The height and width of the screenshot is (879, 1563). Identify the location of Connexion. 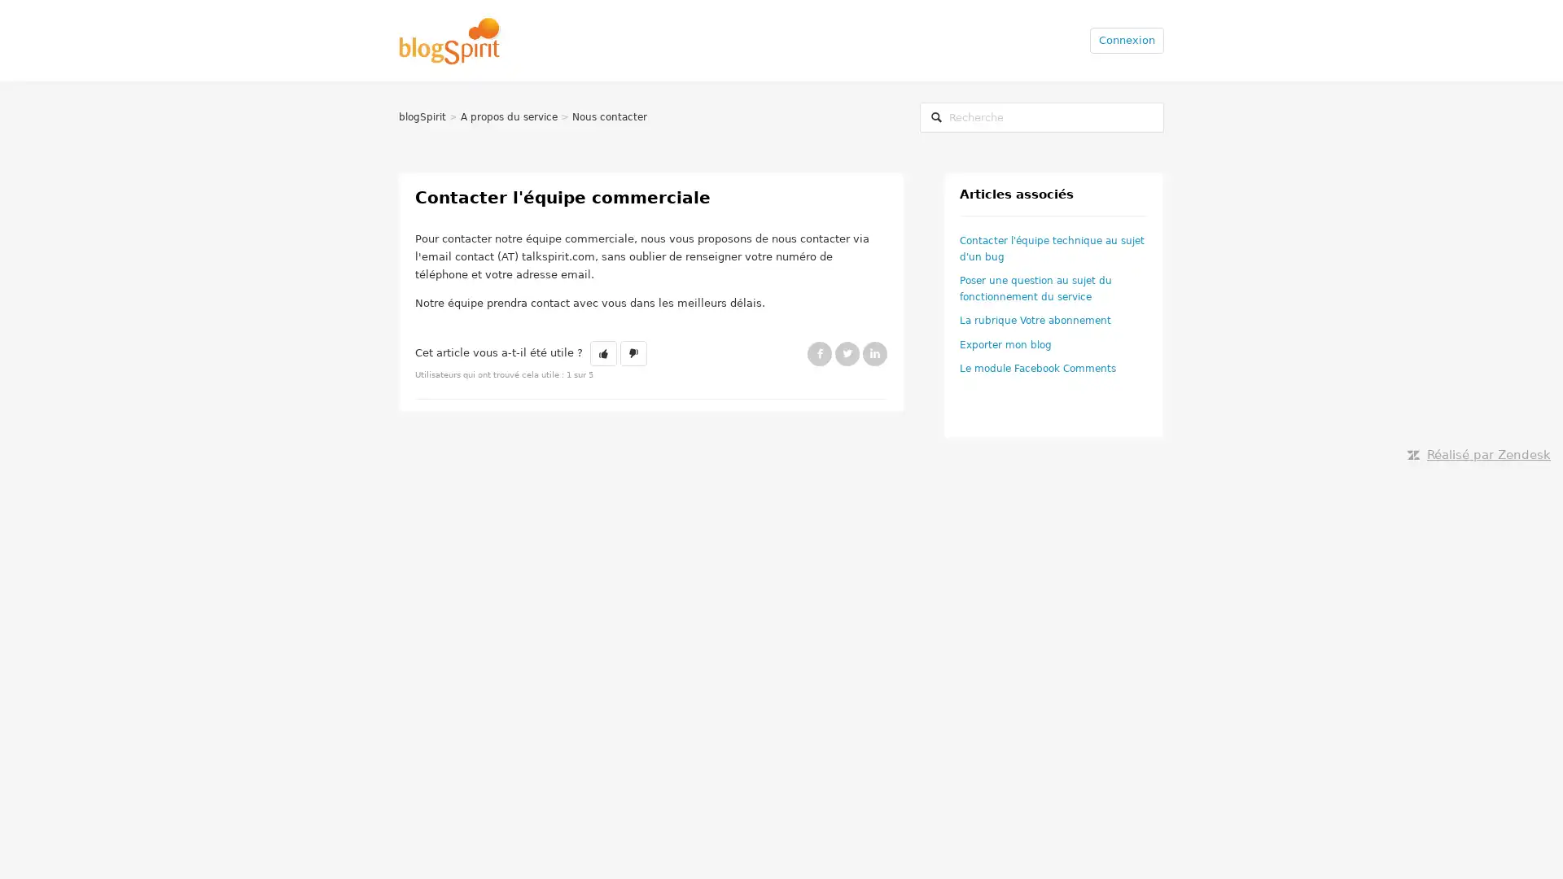
(1126, 39).